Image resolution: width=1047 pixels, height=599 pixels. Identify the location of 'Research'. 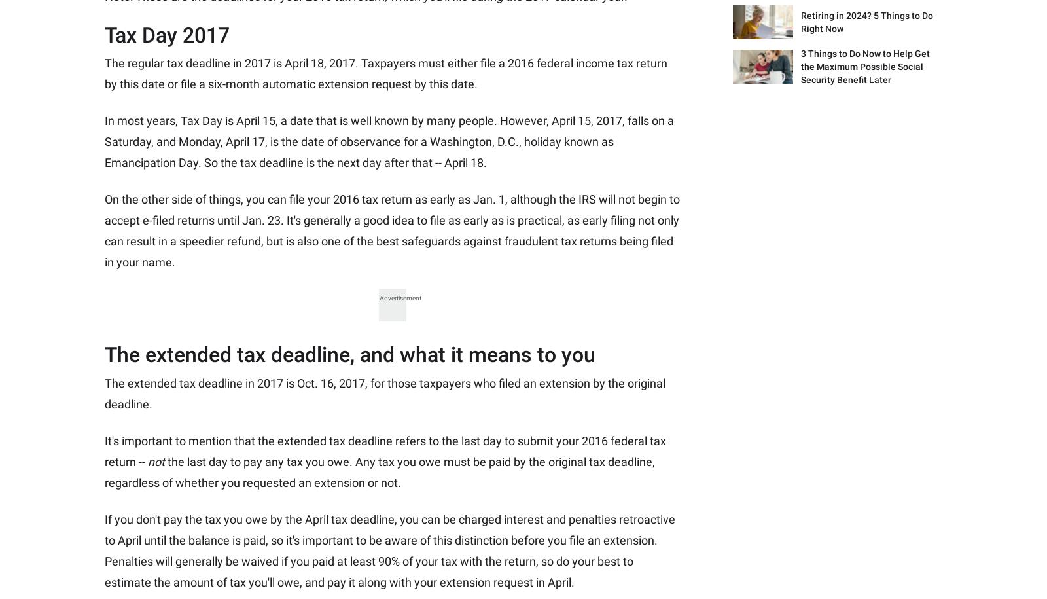
(342, 201).